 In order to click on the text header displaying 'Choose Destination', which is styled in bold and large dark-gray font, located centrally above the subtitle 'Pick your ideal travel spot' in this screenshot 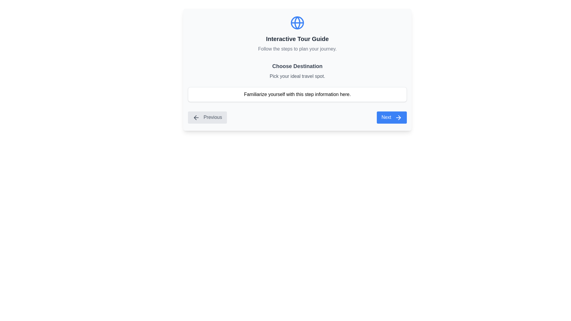, I will do `click(297, 66)`.